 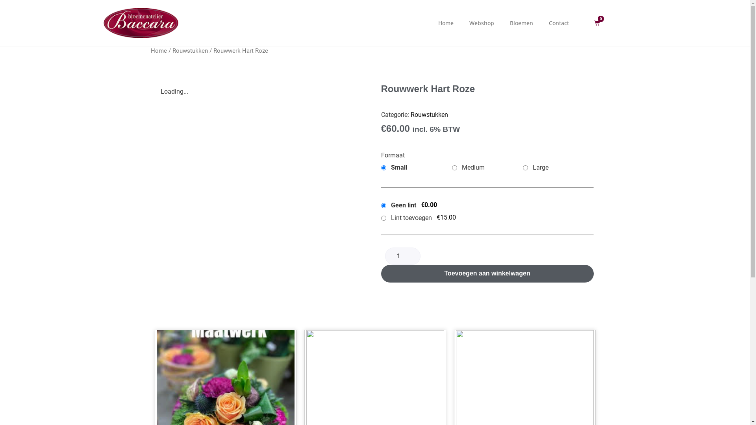 What do you see at coordinates (158, 50) in the screenshot?
I see `'Home'` at bounding box center [158, 50].